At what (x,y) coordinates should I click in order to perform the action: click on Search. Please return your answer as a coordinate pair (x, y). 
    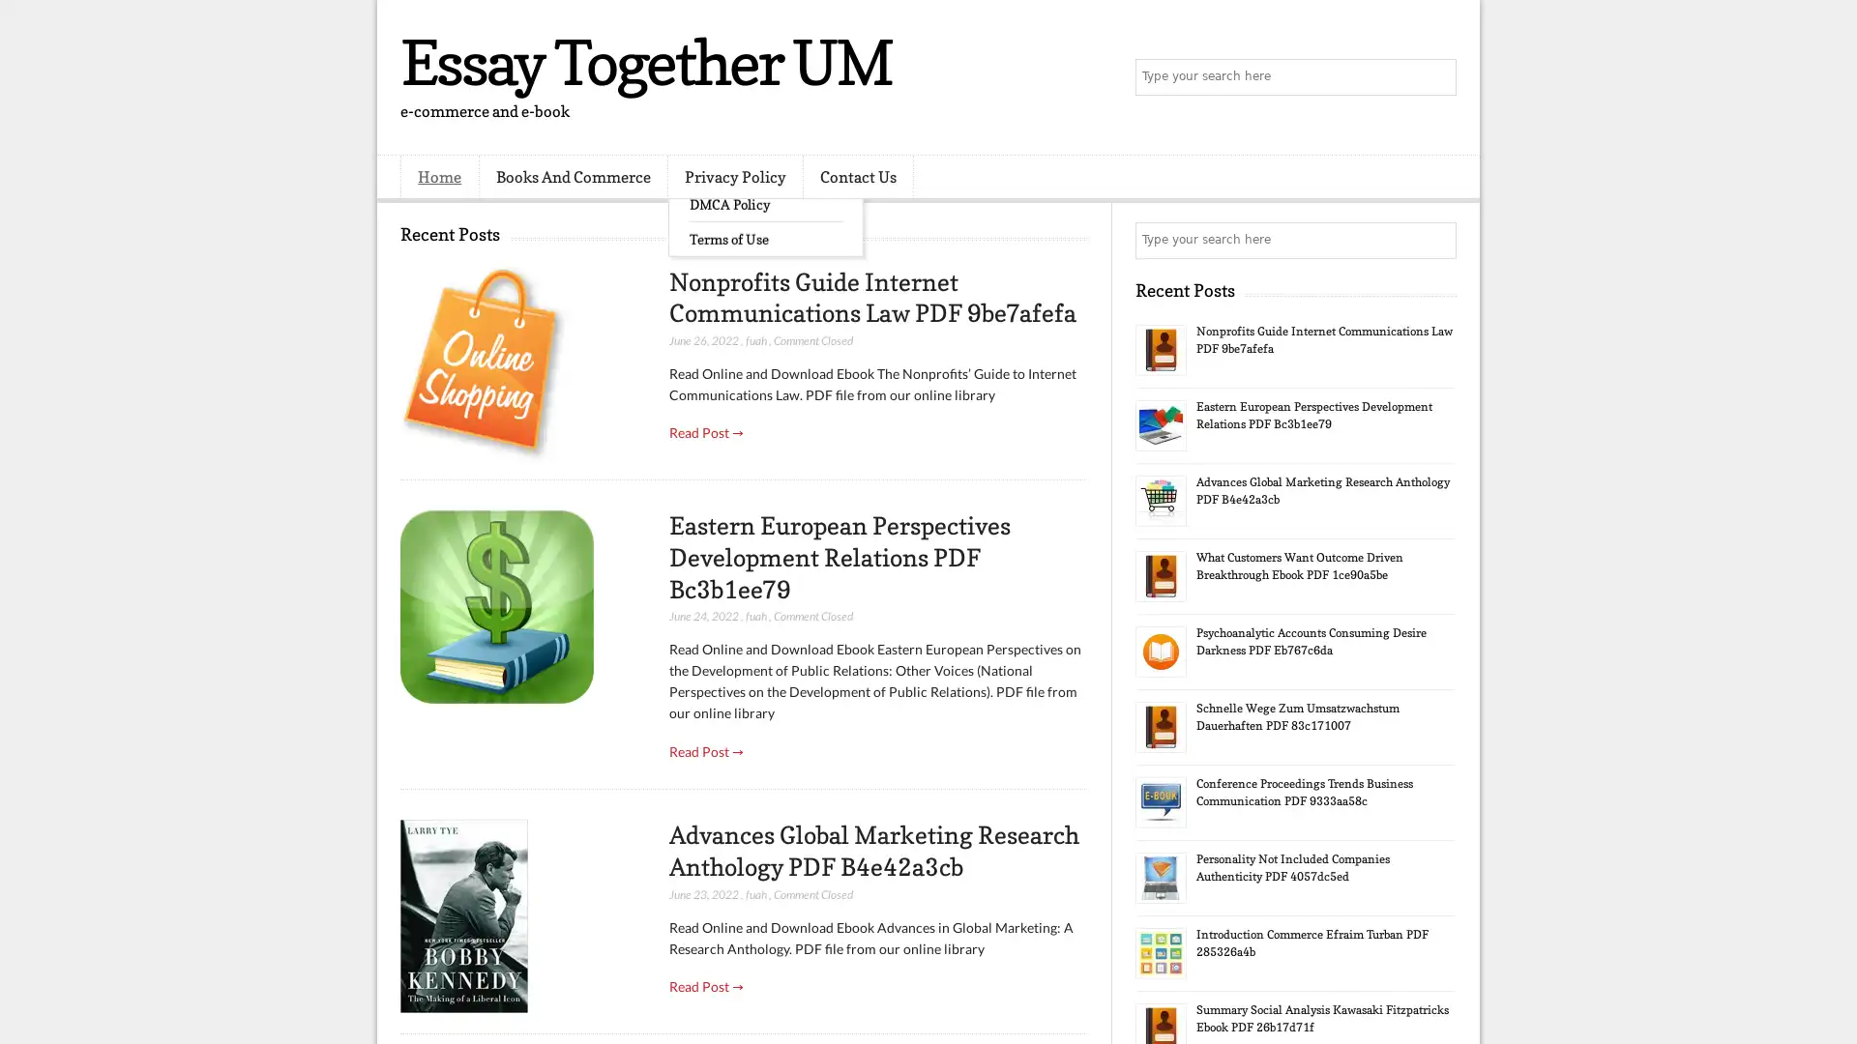
    Looking at the image, I should click on (1436, 240).